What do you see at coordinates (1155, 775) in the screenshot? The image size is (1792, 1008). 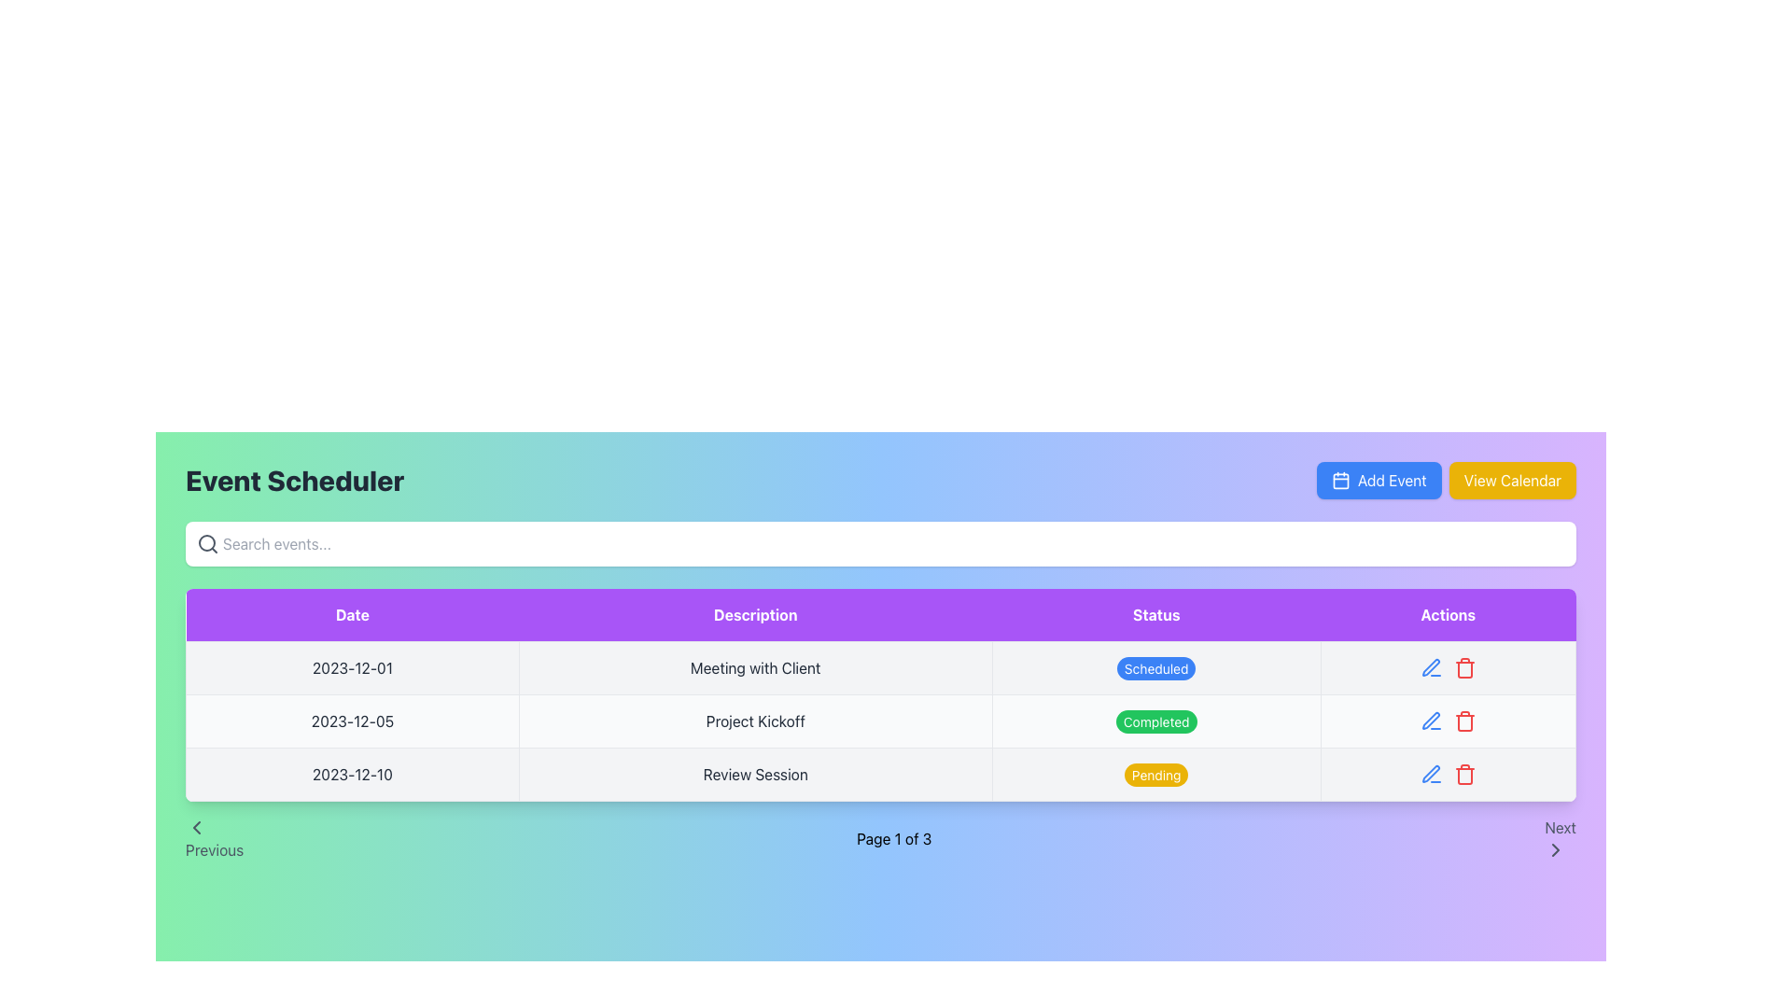 I see `the non-interactive Text Label in the third row of the table that displays the status as 'Pending'` at bounding box center [1155, 775].